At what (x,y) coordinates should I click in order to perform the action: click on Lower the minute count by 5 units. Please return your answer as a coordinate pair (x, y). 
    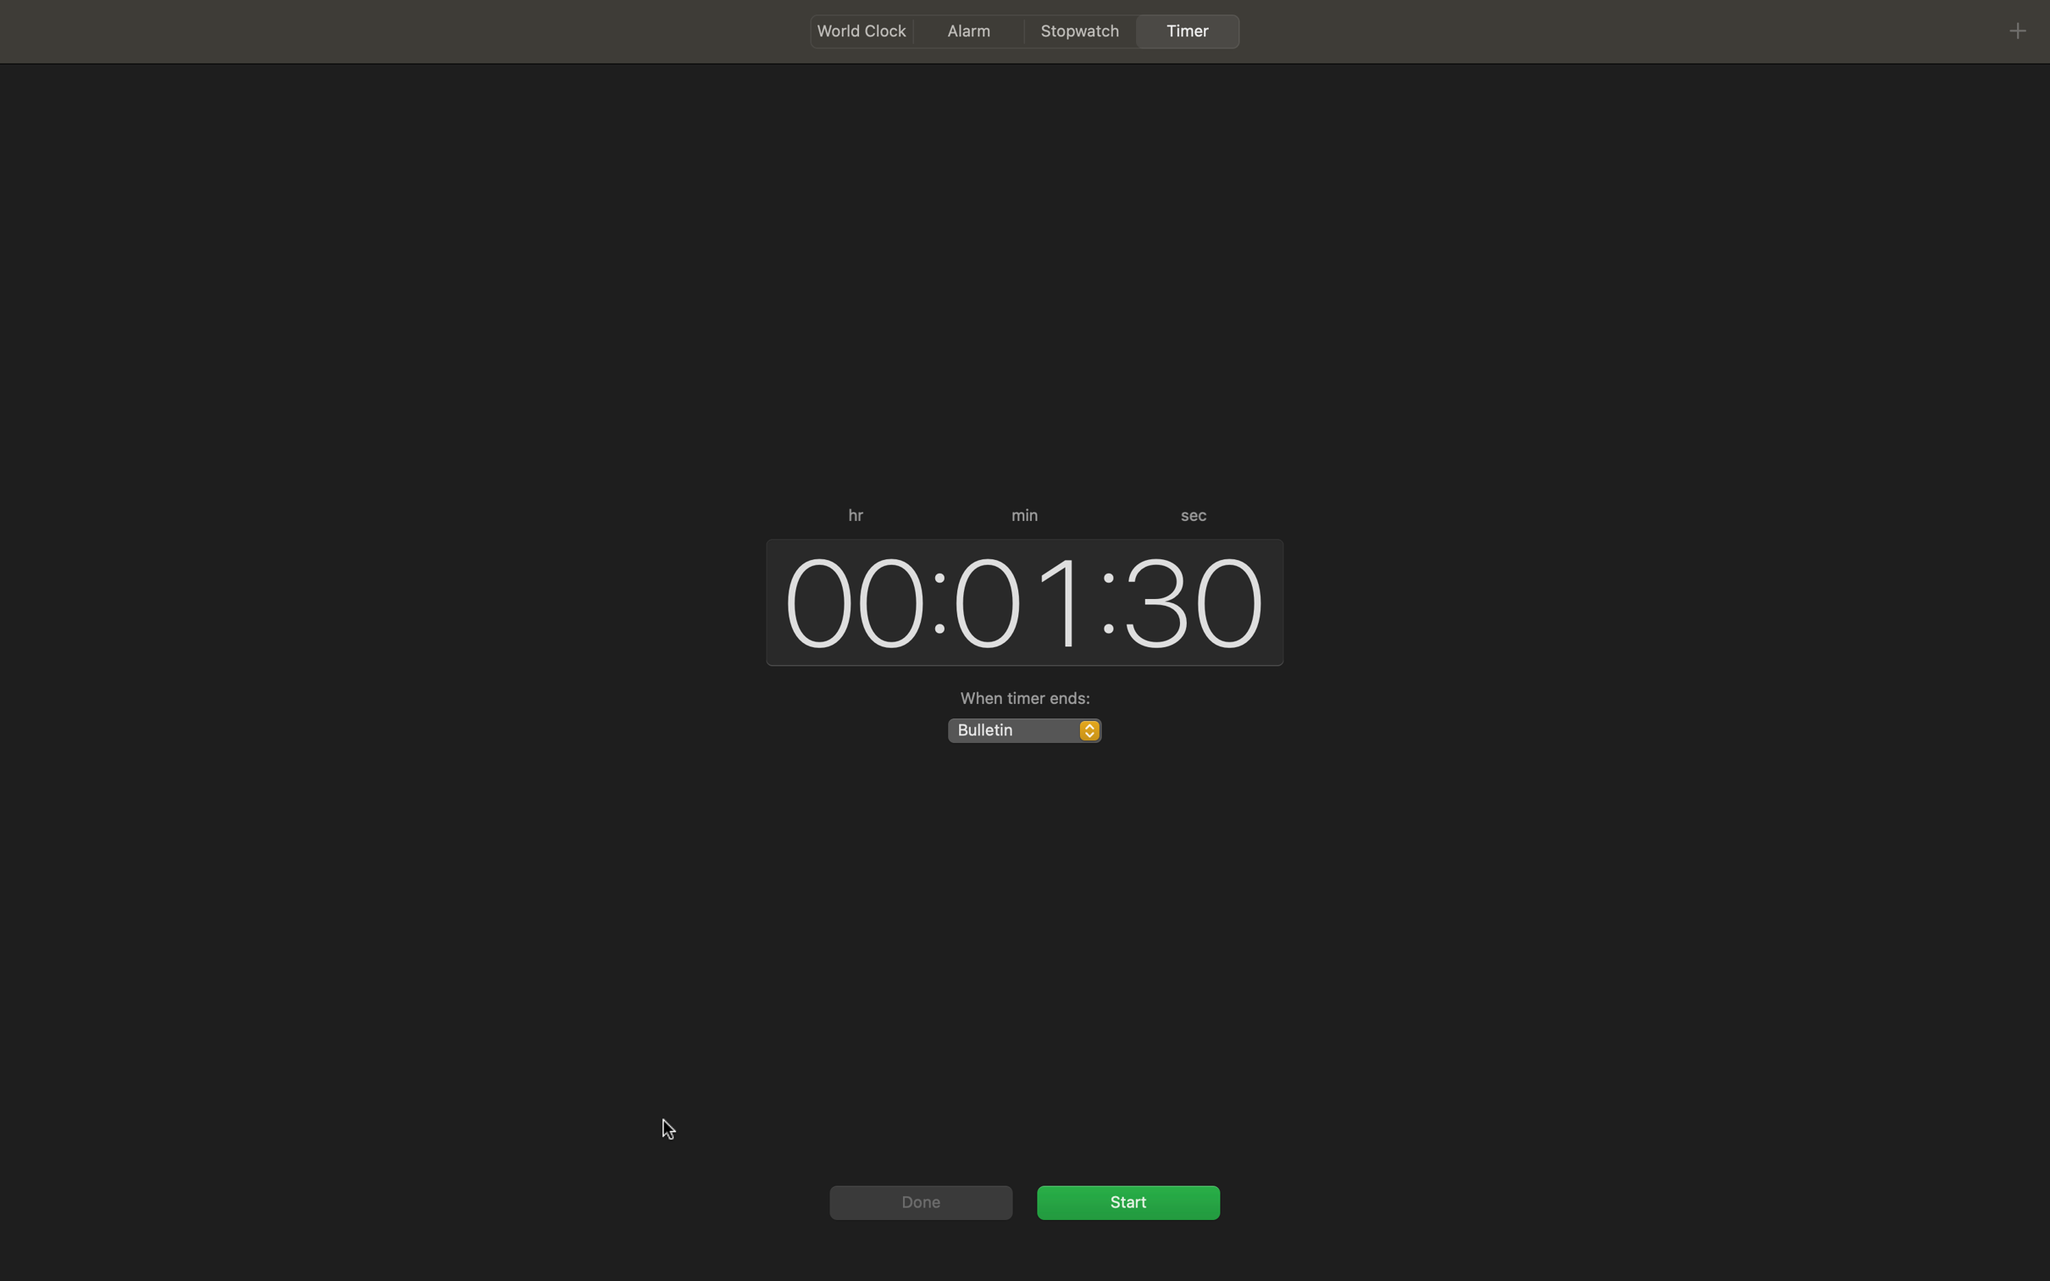
    Looking at the image, I should click on (1017, 600).